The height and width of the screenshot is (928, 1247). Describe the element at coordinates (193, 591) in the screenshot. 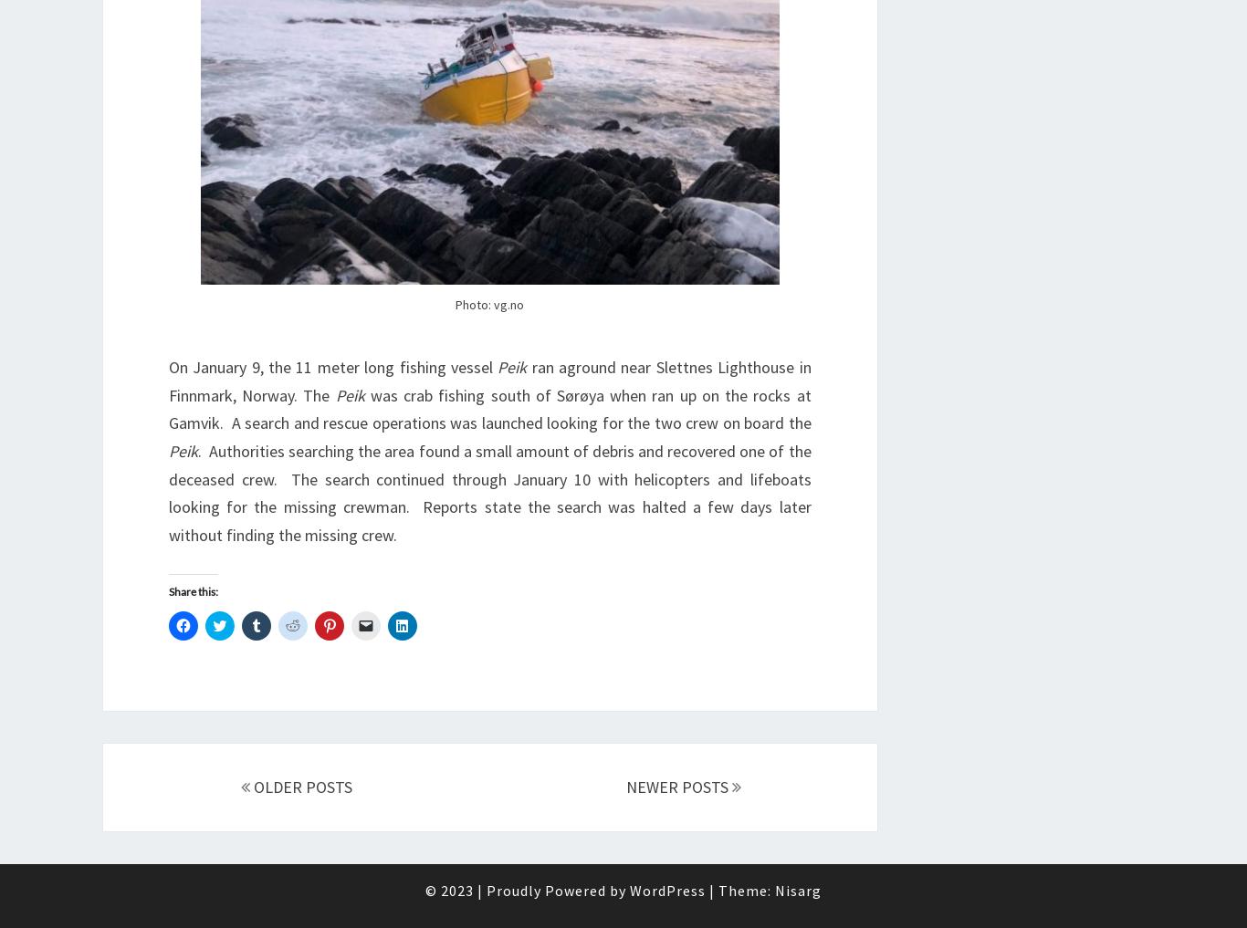

I see `'Share this:'` at that location.